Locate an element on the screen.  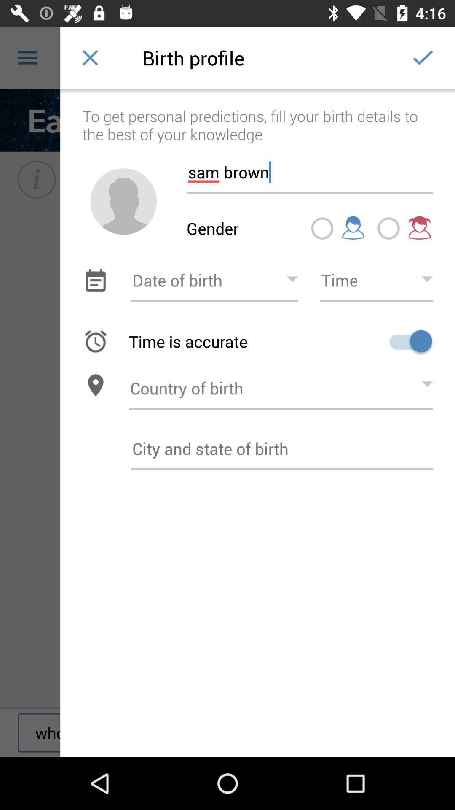
shows mark place option is located at coordinates (322, 228).